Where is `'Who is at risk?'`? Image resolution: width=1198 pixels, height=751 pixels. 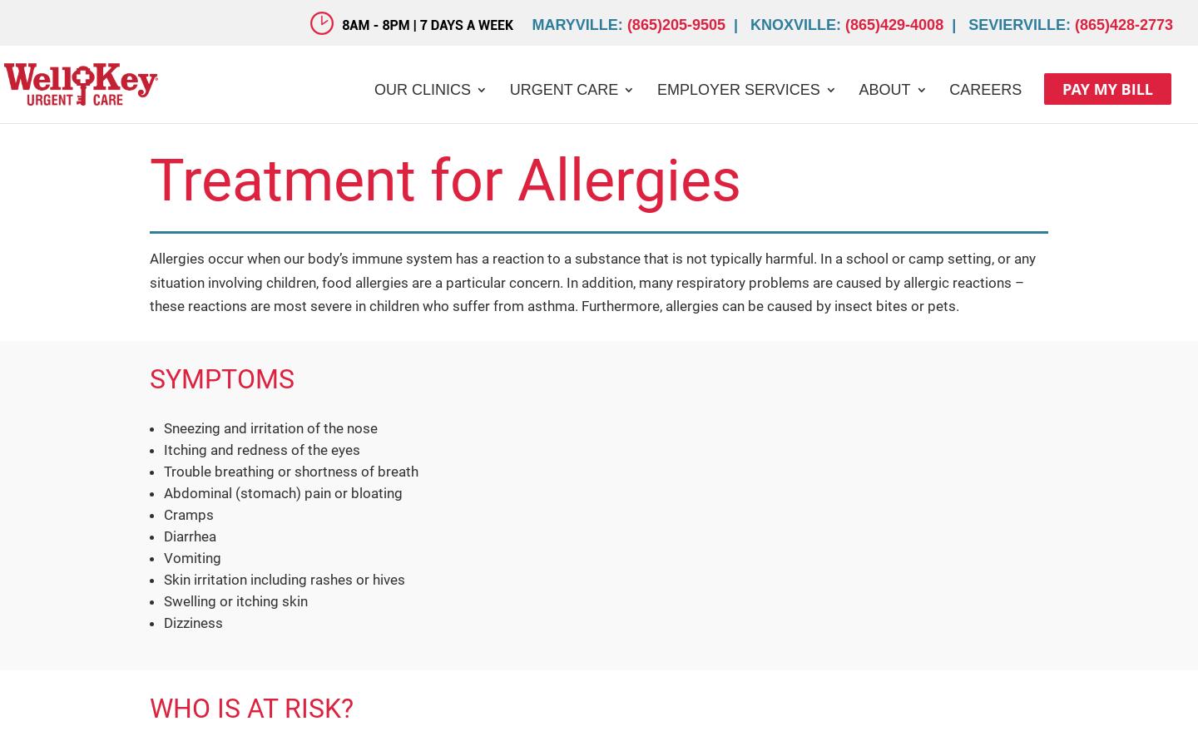
'Who is at risk?' is located at coordinates (149, 707).